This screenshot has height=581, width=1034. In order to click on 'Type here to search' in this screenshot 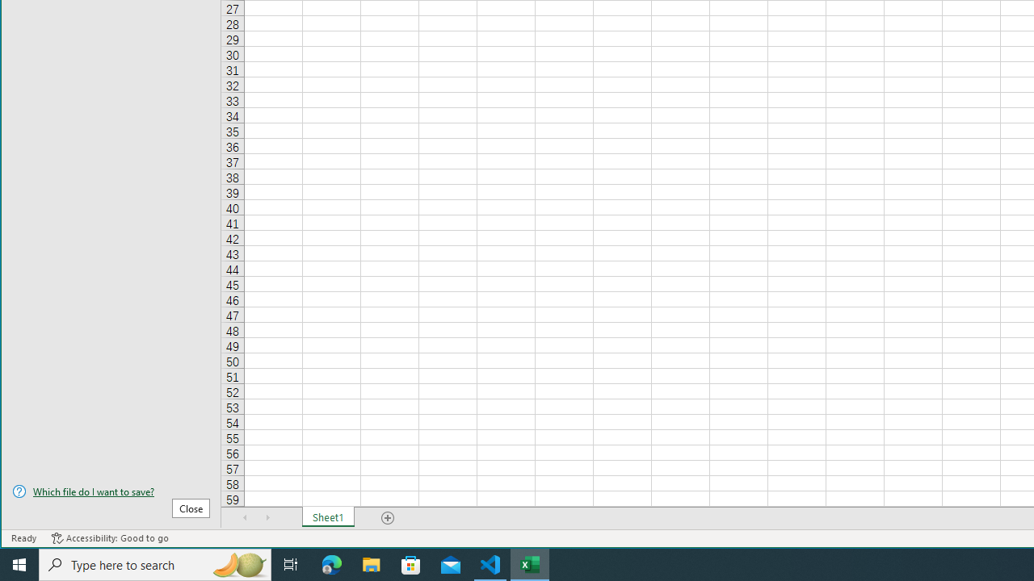, I will do `click(155, 563)`.